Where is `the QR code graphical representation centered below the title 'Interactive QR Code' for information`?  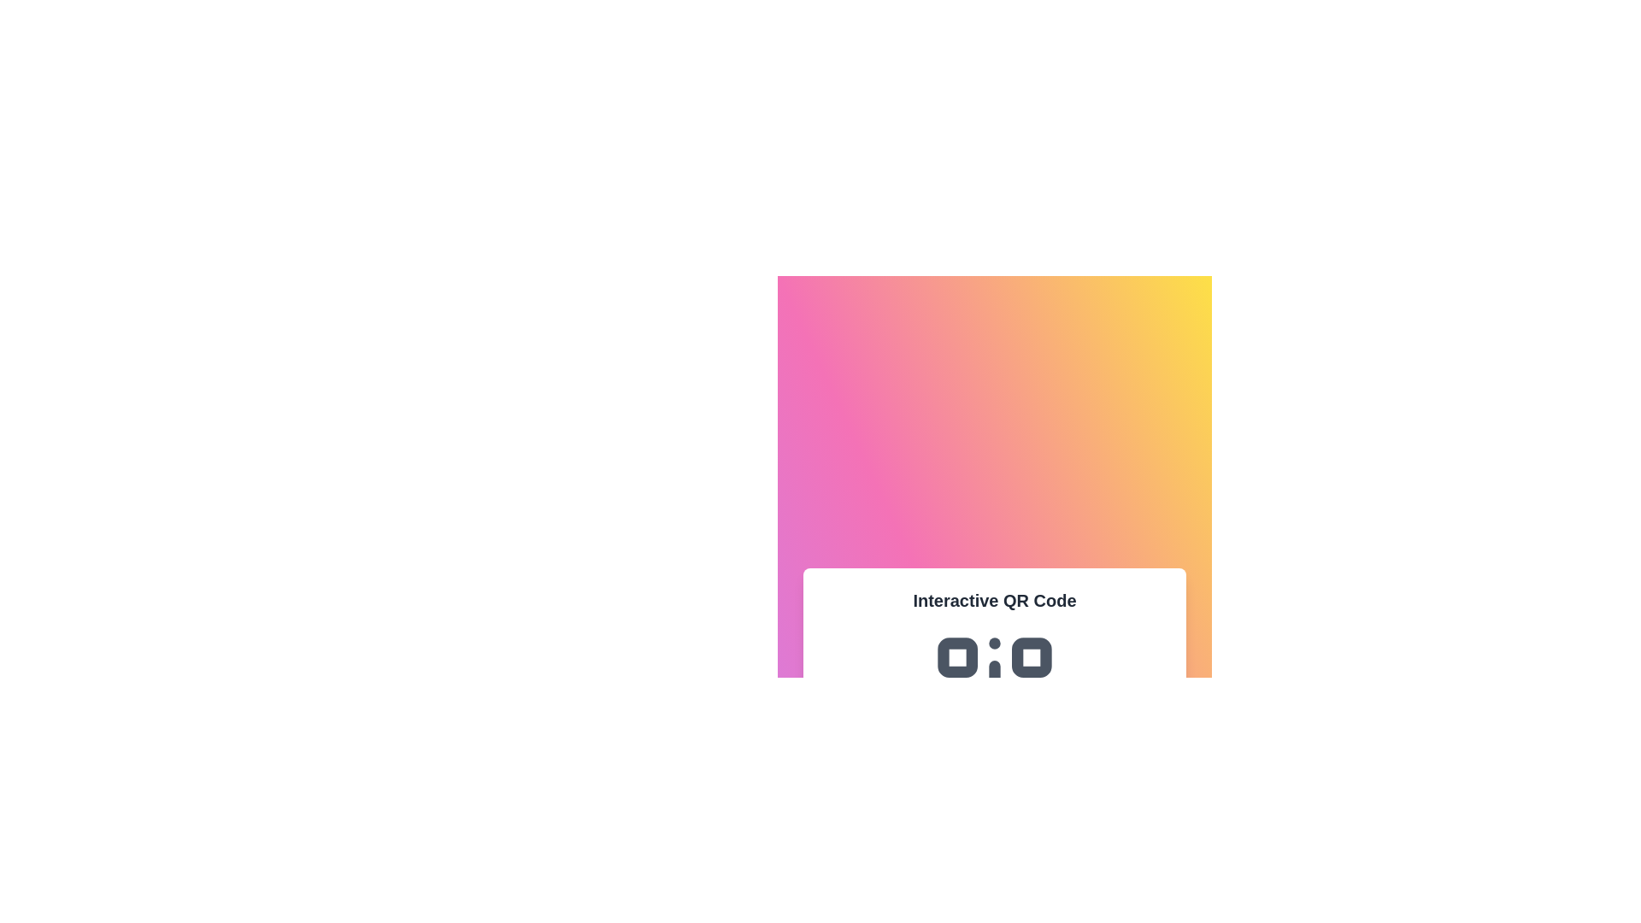 the QR code graphical representation centered below the title 'Interactive QR Code' for information is located at coordinates (994, 694).